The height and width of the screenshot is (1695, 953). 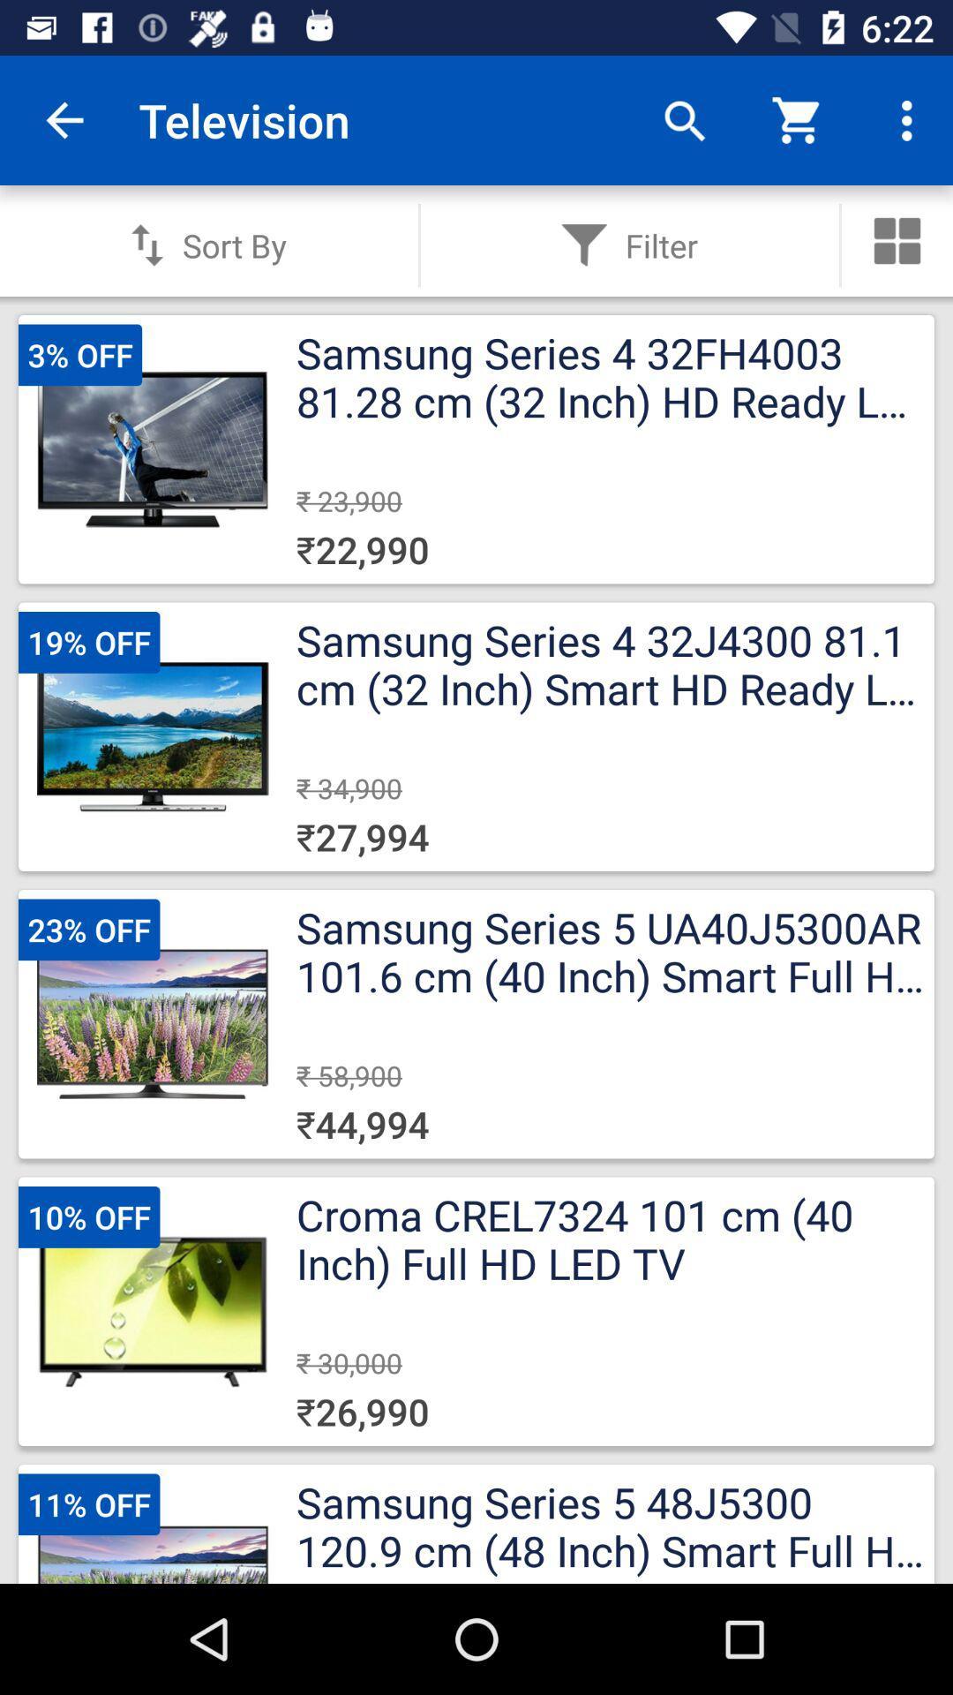 What do you see at coordinates (897, 240) in the screenshot?
I see `page viewing options` at bounding box center [897, 240].